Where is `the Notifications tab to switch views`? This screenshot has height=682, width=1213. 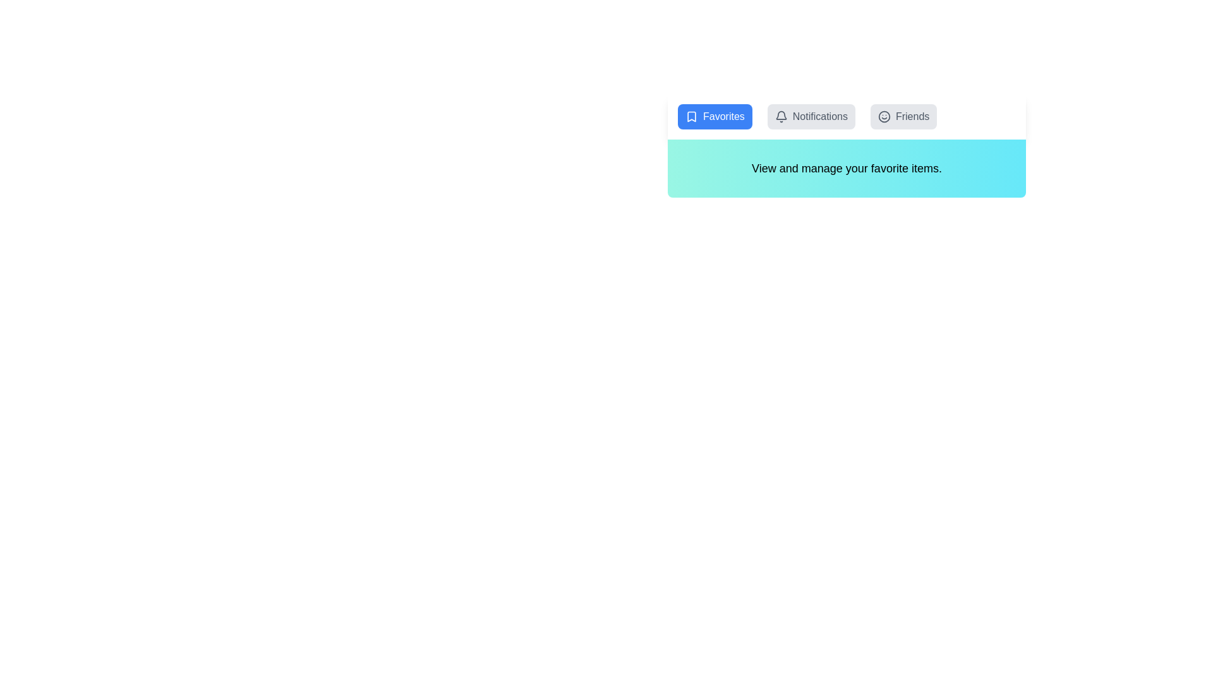 the Notifications tab to switch views is located at coordinates (811, 117).